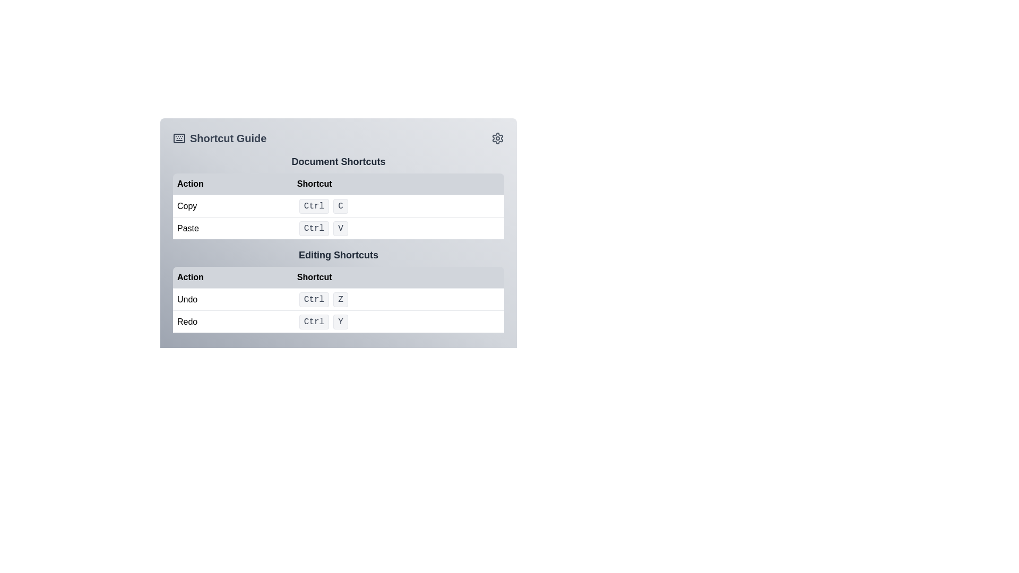  Describe the element at coordinates (338, 299) in the screenshot. I see `the Text Display element that informs users of the 'Undo' action, which combines 'Ctrl' and 'Z', located in the second section of the shortcut guide under 'Editing Shortcuts'` at that location.